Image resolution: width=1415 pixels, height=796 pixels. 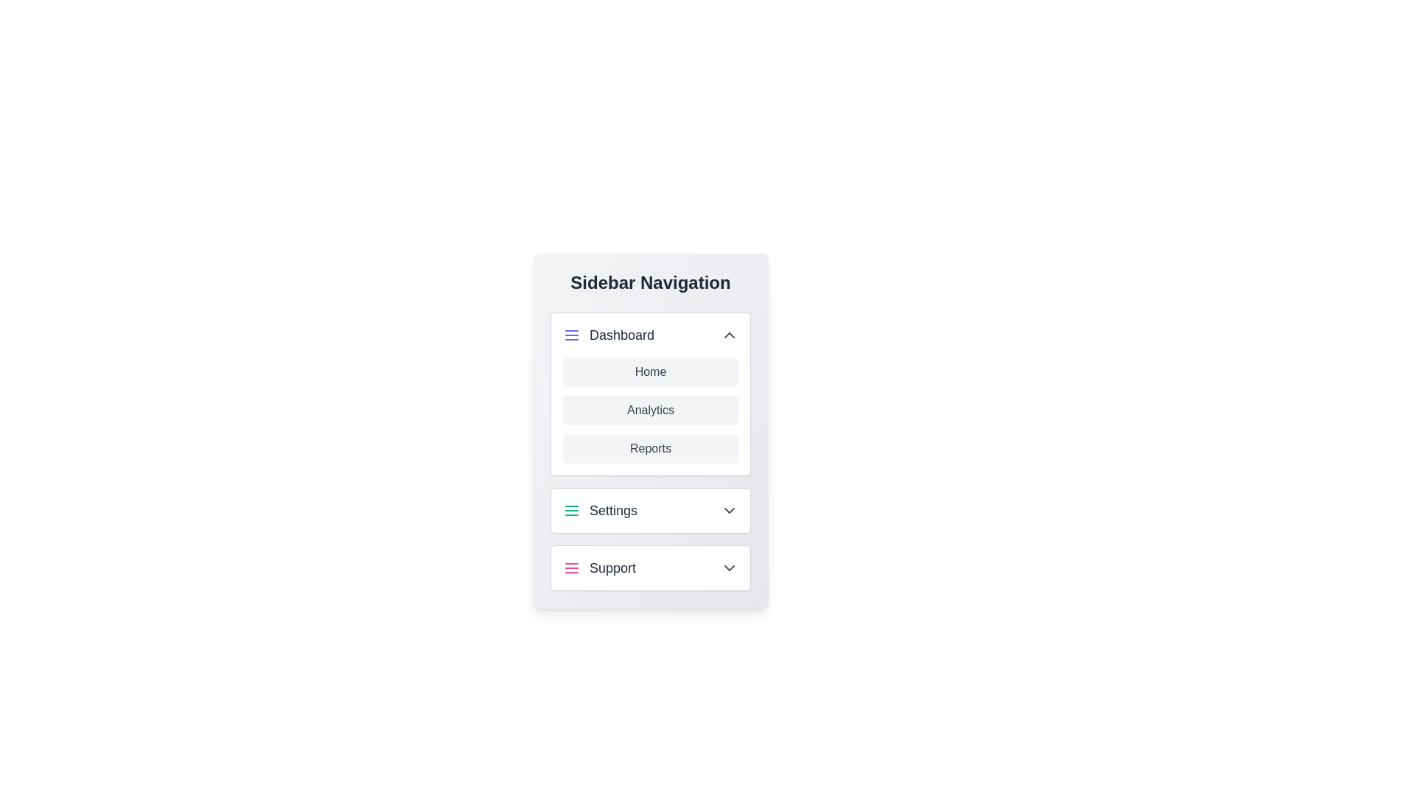 What do you see at coordinates (729, 510) in the screenshot?
I see `the chevron icon on the far right side of the 'Settings' option in the sidebar` at bounding box center [729, 510].